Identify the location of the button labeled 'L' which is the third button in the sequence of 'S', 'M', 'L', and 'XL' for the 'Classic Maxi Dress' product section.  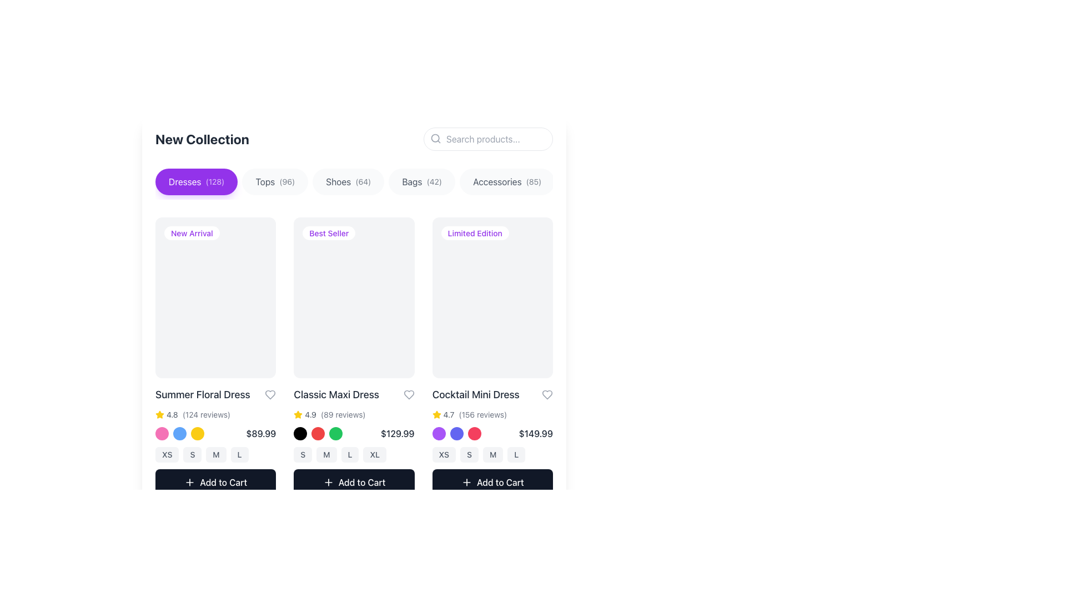
(349, 454).